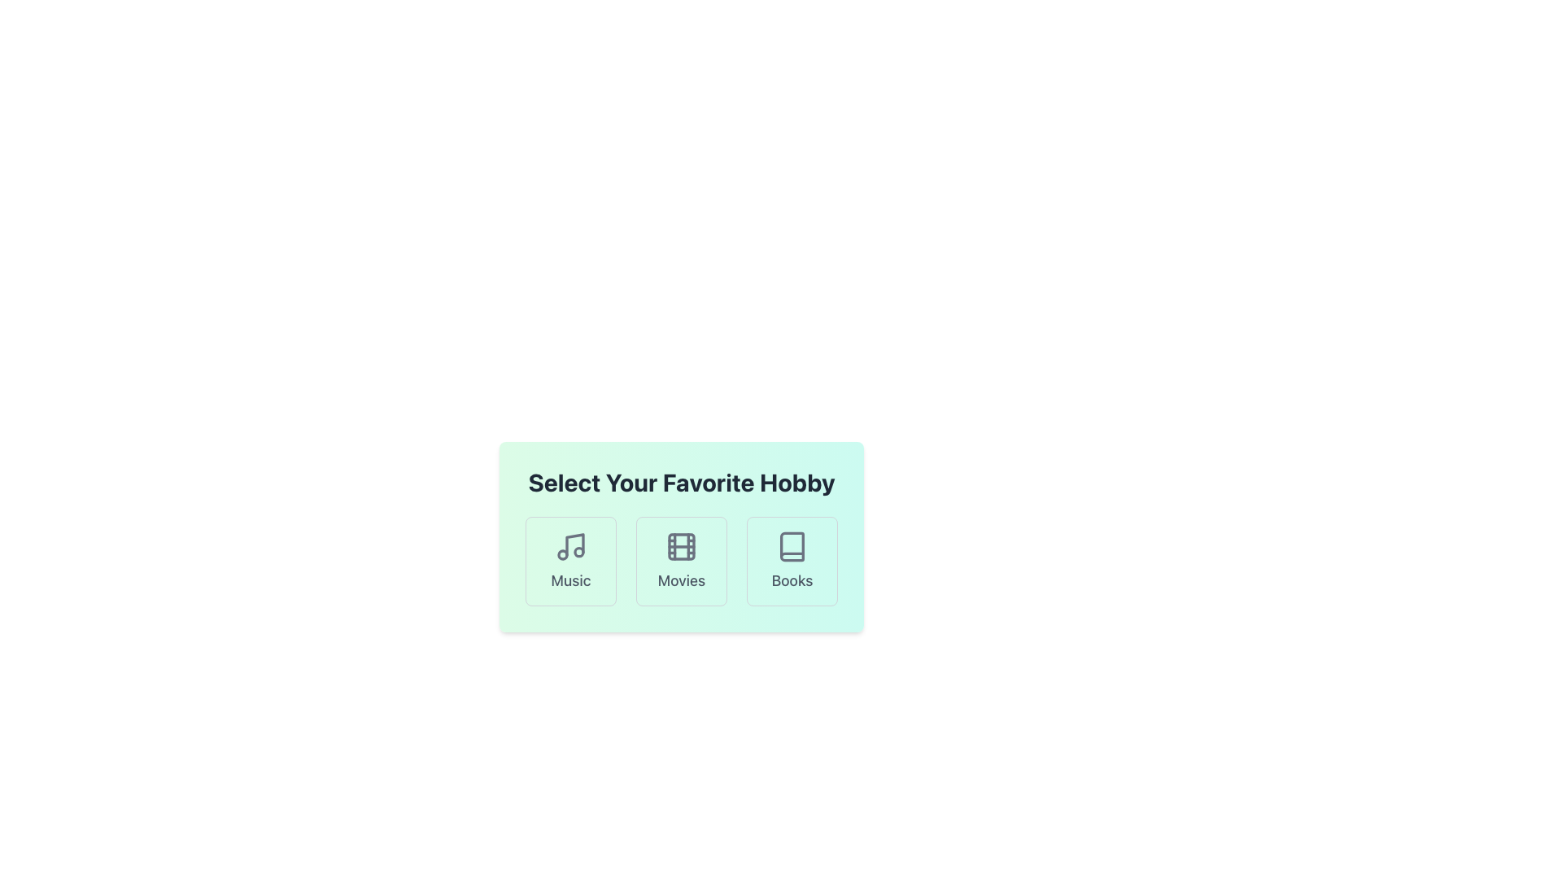  I want to click on the film reel icon located above the 'Movies' text in the second column of the options list, so click(682, 546).